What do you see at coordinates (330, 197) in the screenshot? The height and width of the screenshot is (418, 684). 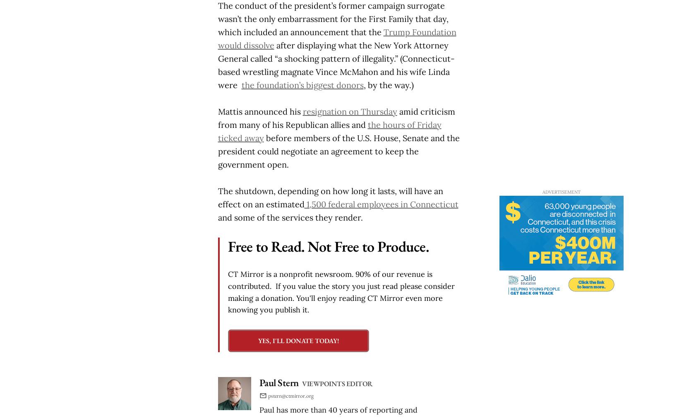 I see `'The shutdown, depending on how long it lasts, will have an effect on an estimated'` at bounding box center [330, 197].